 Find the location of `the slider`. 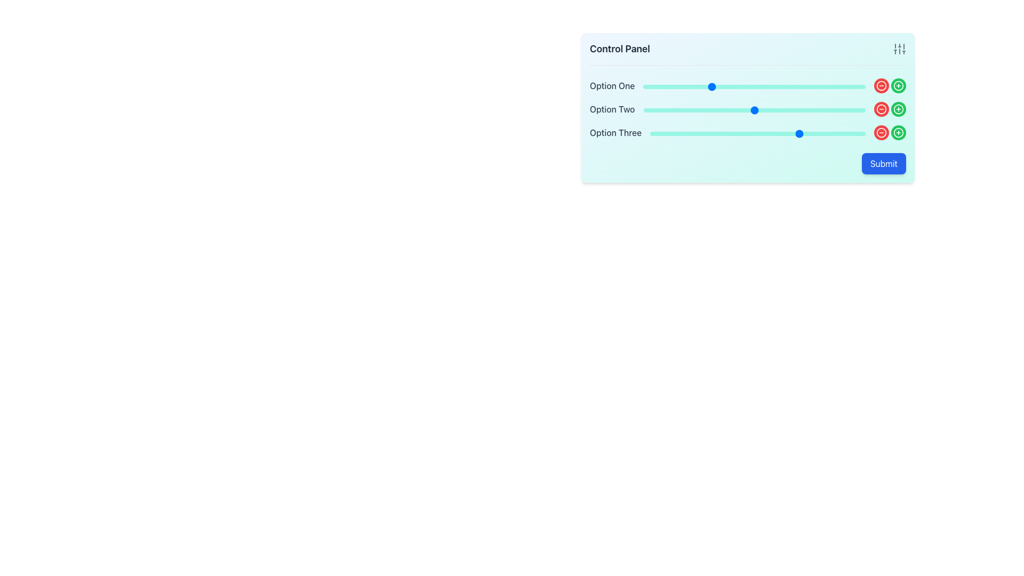

the slider is located at coordinates (681, 86).